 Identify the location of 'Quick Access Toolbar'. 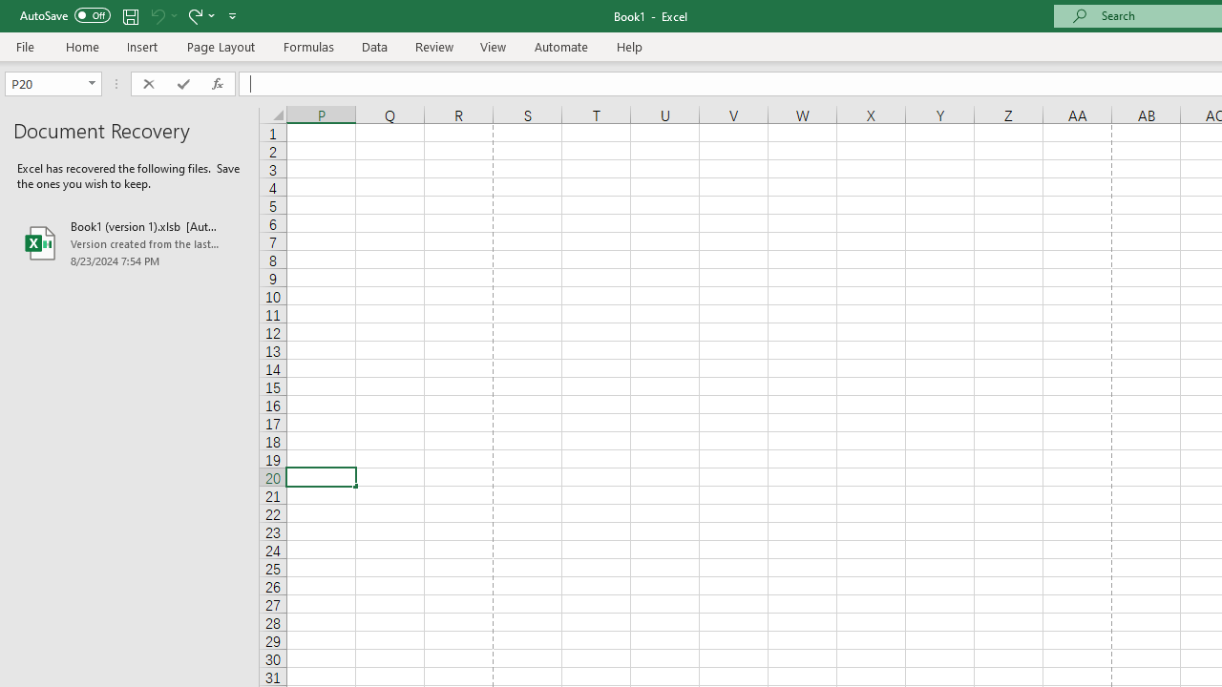
(129, 15).